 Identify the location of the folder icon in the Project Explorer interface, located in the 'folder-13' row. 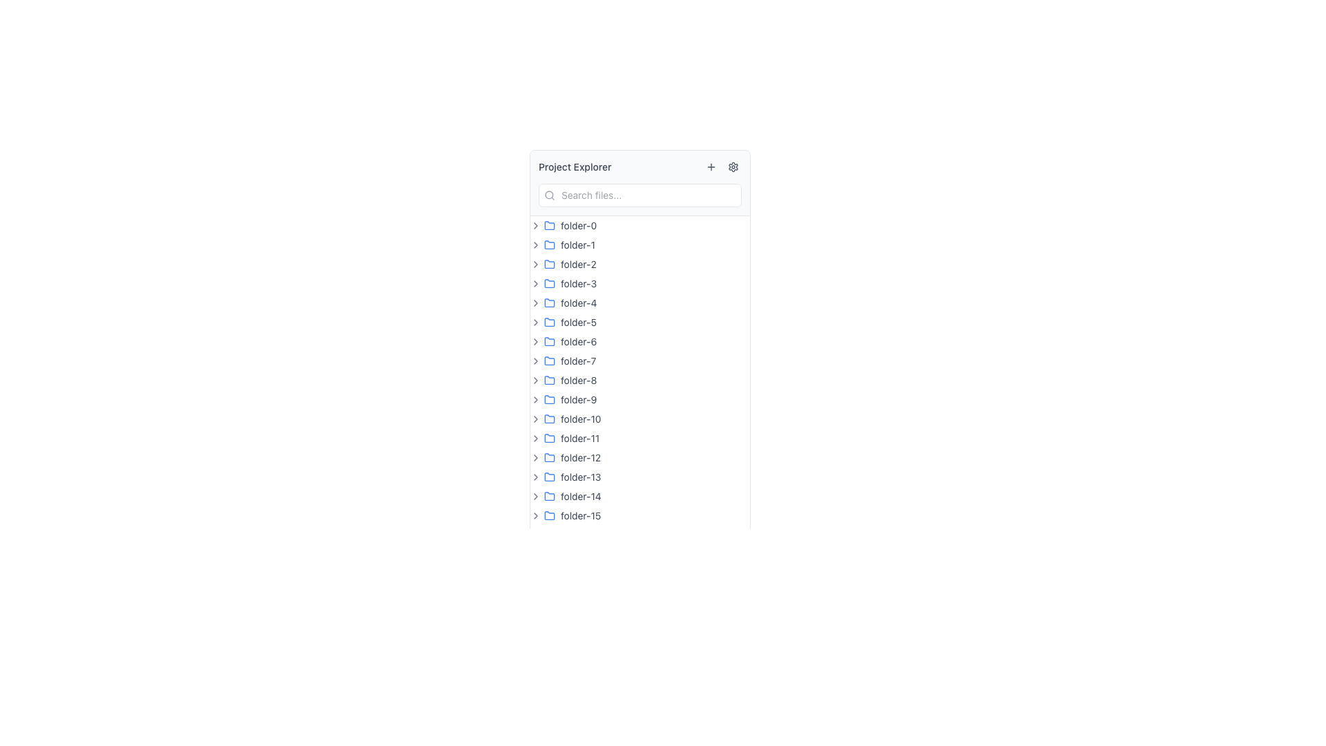
(549, 476).